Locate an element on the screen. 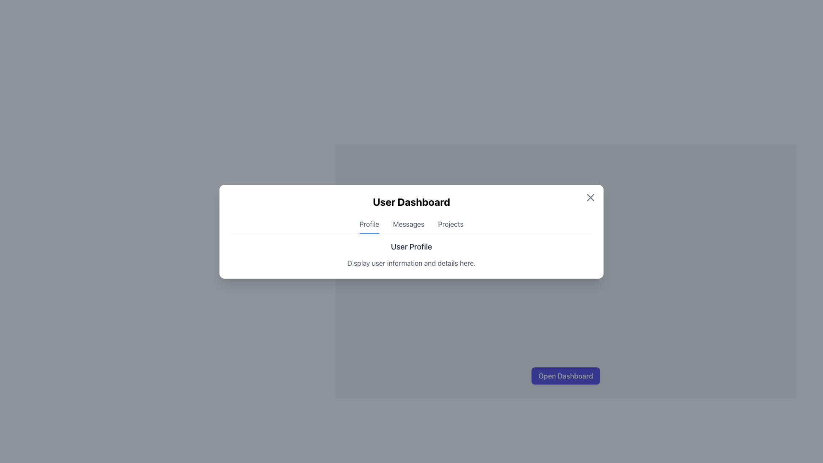 The width and height of the screenshot is (823, 463). the second navigation link in the horizontal navigation bar, located between 'Profile' and 'Projects' is located at coordinates (408, 225).